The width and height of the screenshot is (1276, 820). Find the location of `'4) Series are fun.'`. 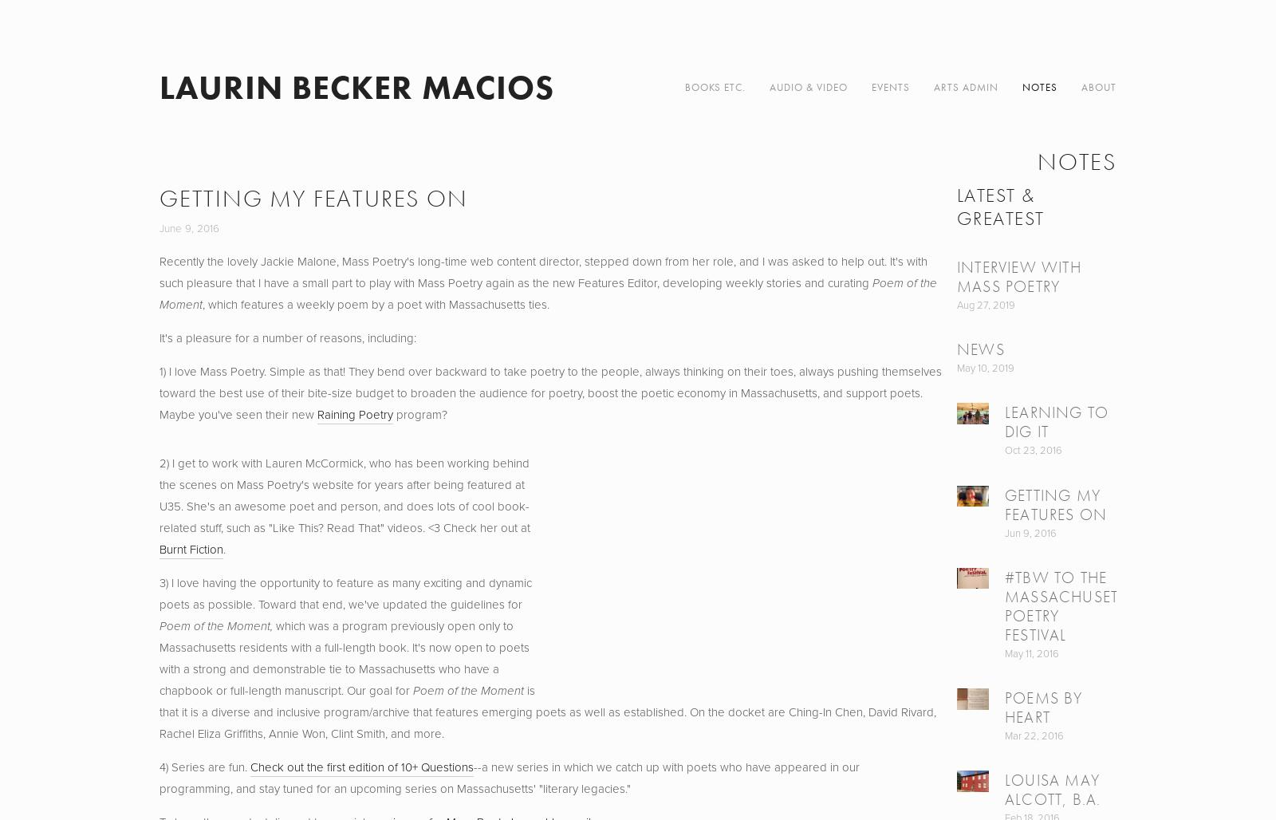

'4) Series are fun.' is located at coordinates (204, 767).